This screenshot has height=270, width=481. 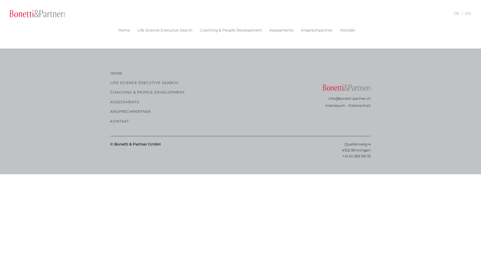 What do you see at coordinates (199, 30) in the screenshot?
I see `'Coaching & People Development'` at bounding box center [199, 30].